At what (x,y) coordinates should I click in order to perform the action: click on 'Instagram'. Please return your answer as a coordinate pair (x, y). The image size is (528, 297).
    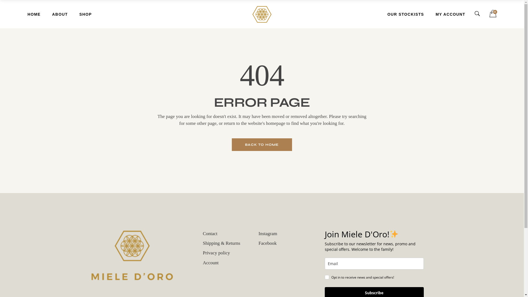
    Looking at the image, I should click on (268, 233).